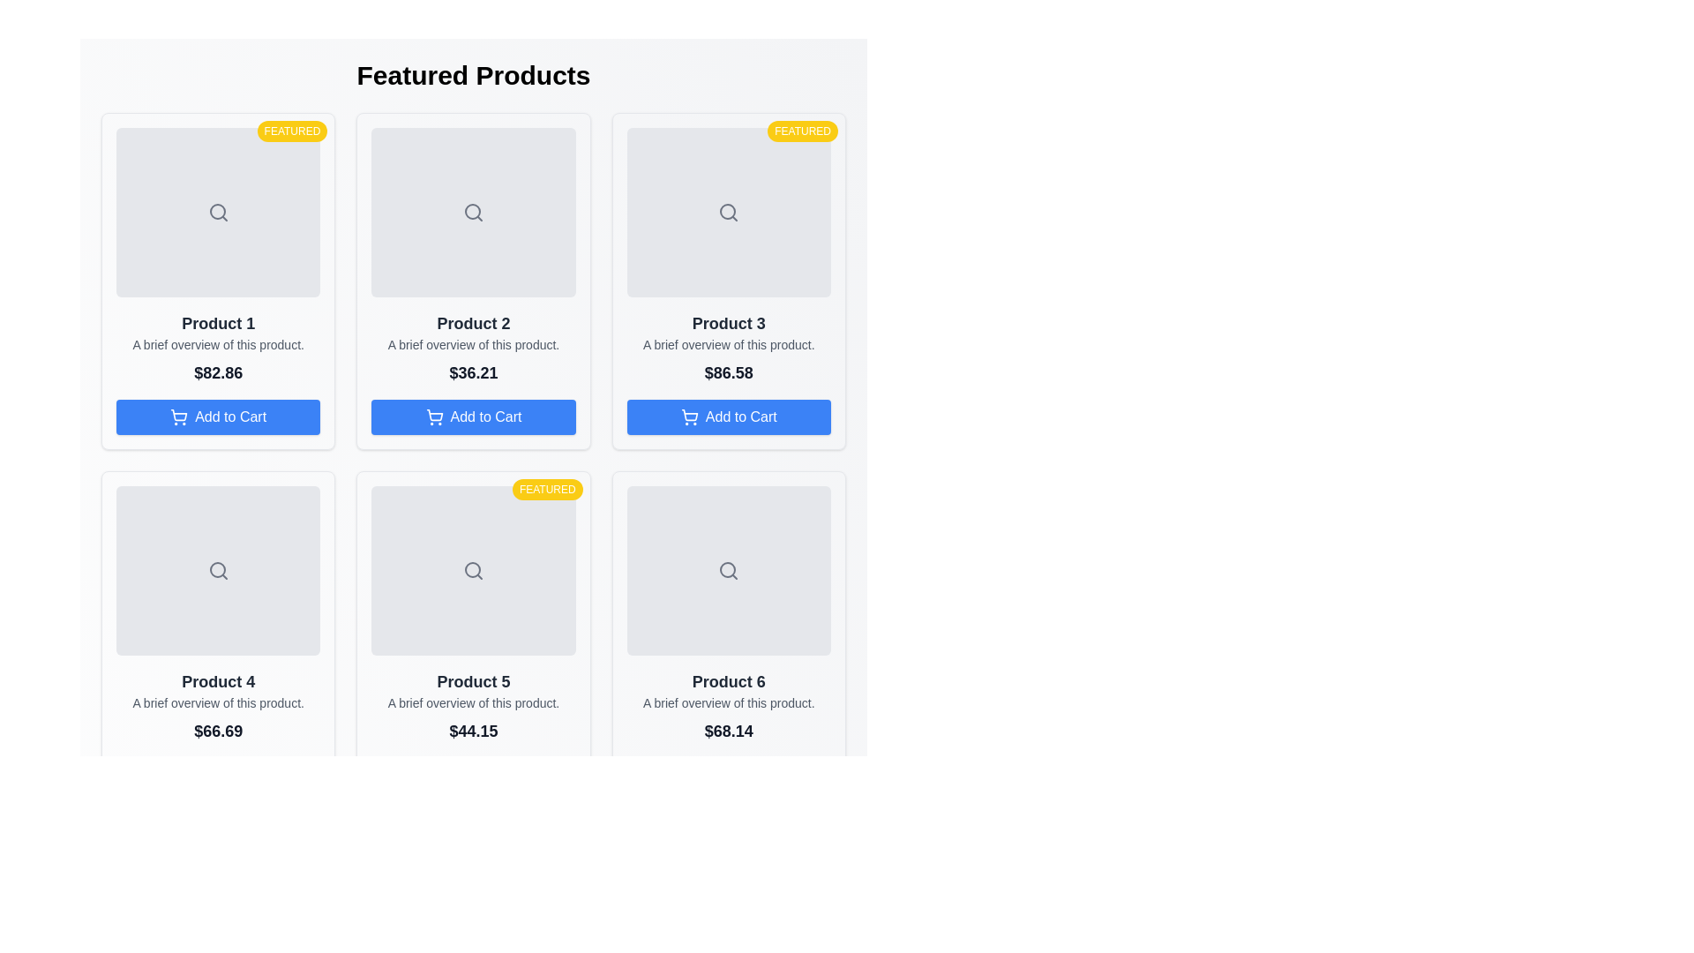 Image resolution: width=1694 pixels, height=953 pixels. I want to click on the magnifying glass icon located in the central gray placeholder of the 'Product 2' card, which is the second card in the top row of the product grid, so click(474, 211).